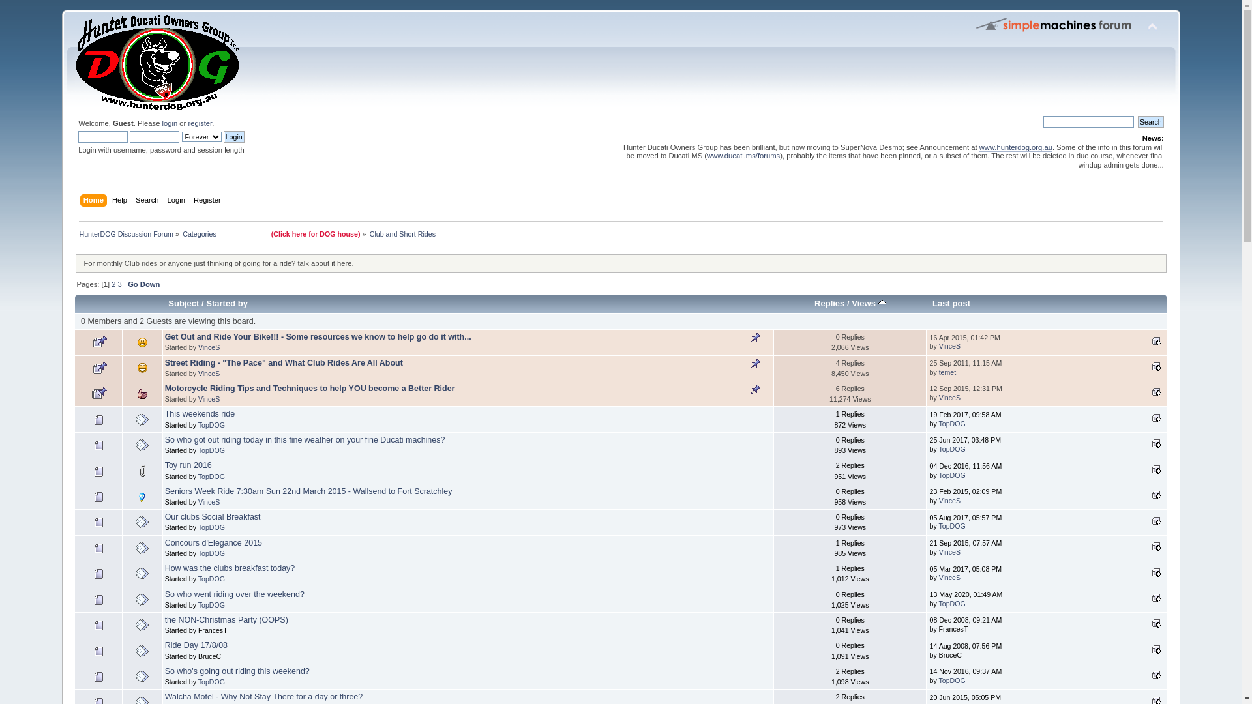 This screenshot has height=704, width=1252. Describe the element at coordinates (743, 155) in the screenshot. I see `'www.ducati.ms/forums'` at that location.